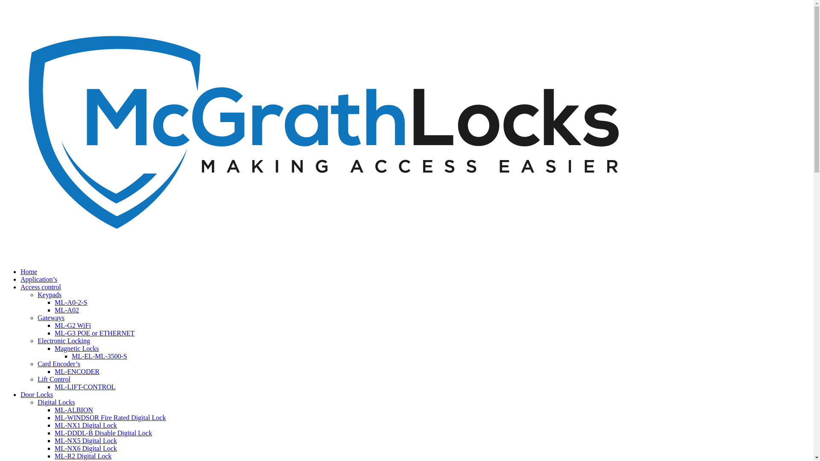 The width and height of the screenshot is (820, 461). What do you see at coordinates (86, 441) in the screenshot?
I see `'ML-NX5 Digital Lock'` at bounding box center [86, 441].